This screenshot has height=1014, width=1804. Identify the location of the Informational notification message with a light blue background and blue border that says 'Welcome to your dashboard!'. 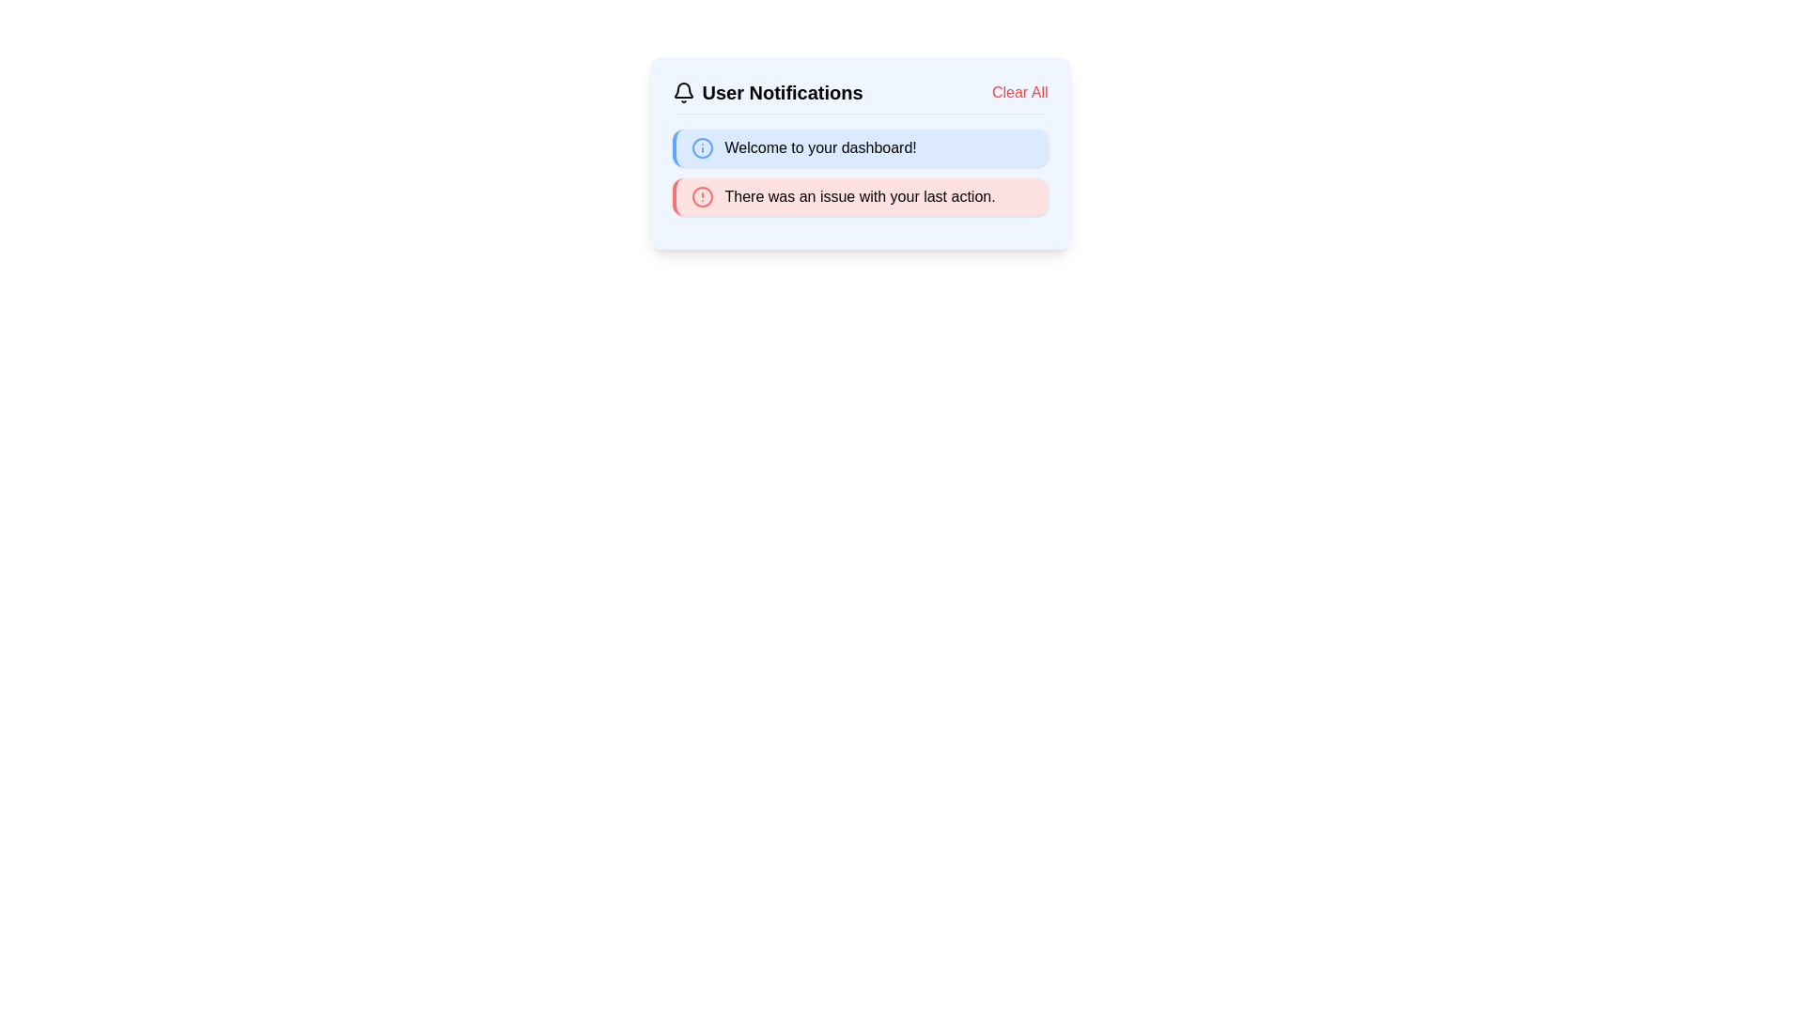
(859, 173).